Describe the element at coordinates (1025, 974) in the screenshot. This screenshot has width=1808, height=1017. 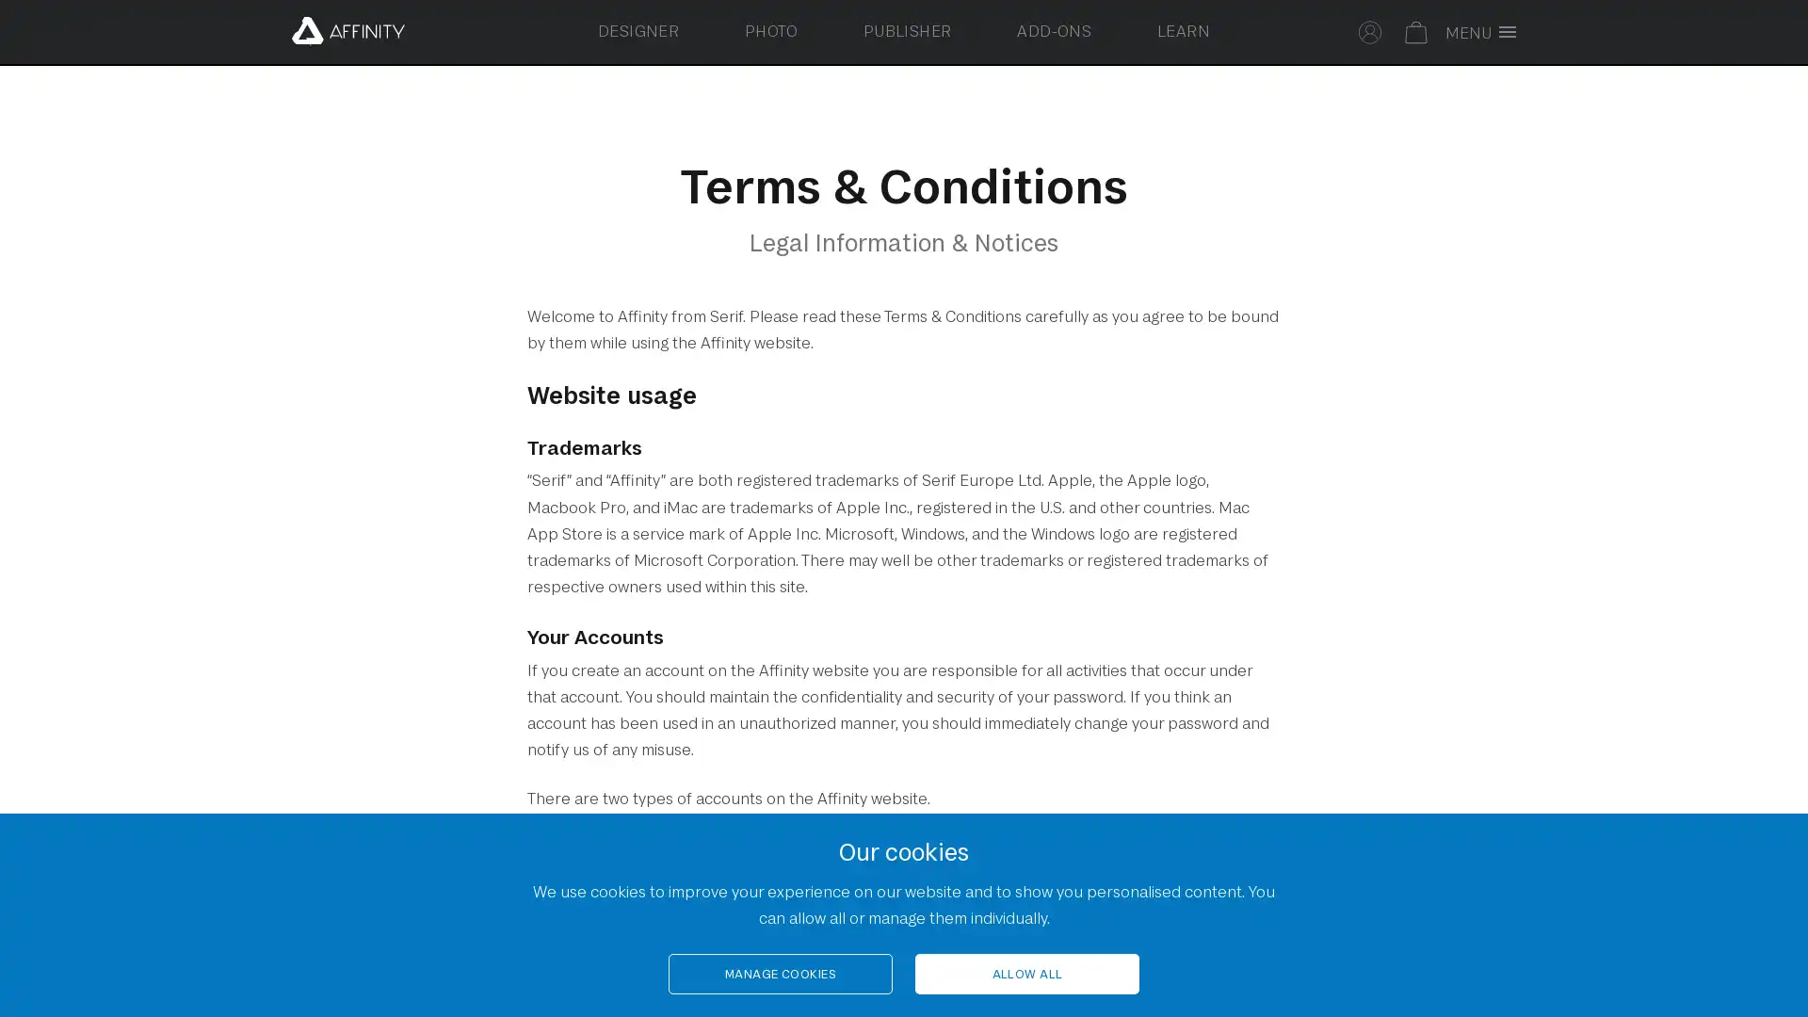
I see `ALLOW ALL` at that location.